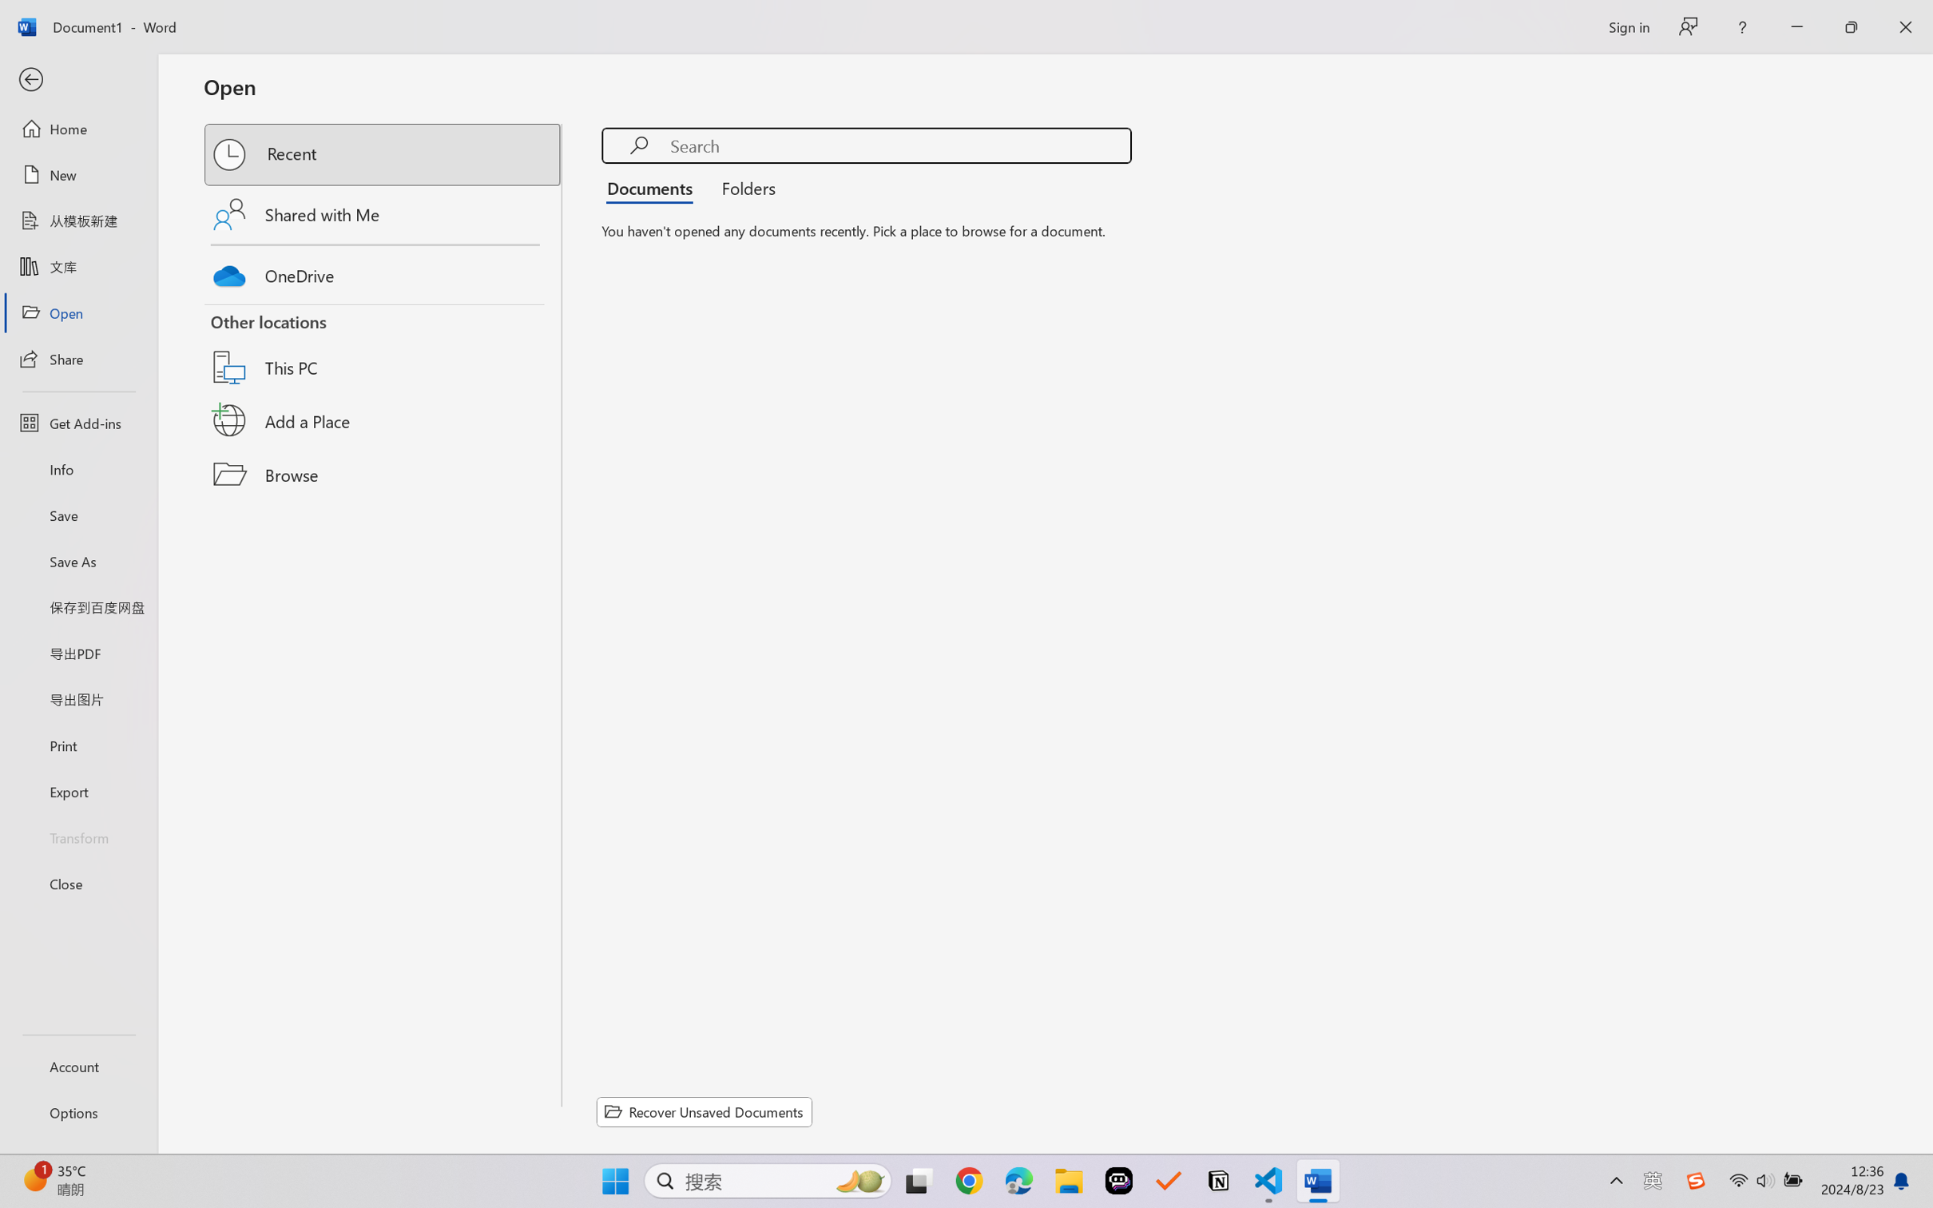  What do you see at coordinates (77, 745) in the screenshot?
I see `'Print'` at bounding box center [77, 745].